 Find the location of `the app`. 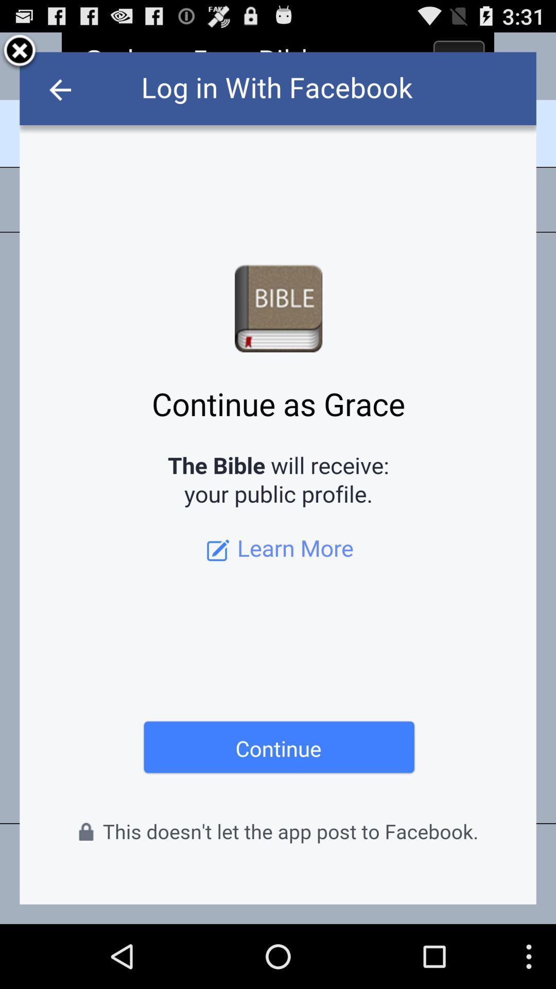

the app is located at coordinates (20, 52).